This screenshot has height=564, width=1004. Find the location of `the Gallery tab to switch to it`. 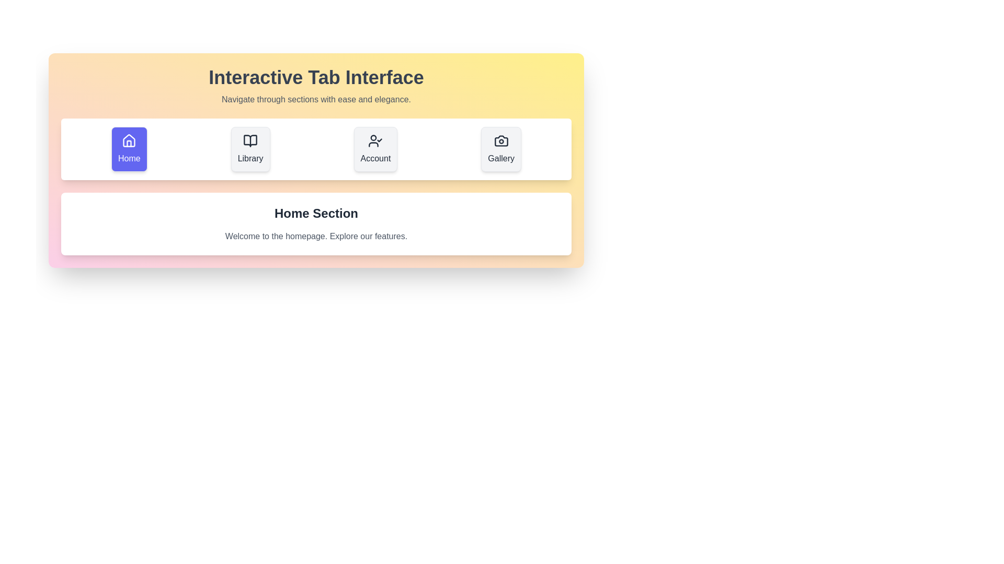

the Gallery tab to switch to it is located at coordinates (501, 149).